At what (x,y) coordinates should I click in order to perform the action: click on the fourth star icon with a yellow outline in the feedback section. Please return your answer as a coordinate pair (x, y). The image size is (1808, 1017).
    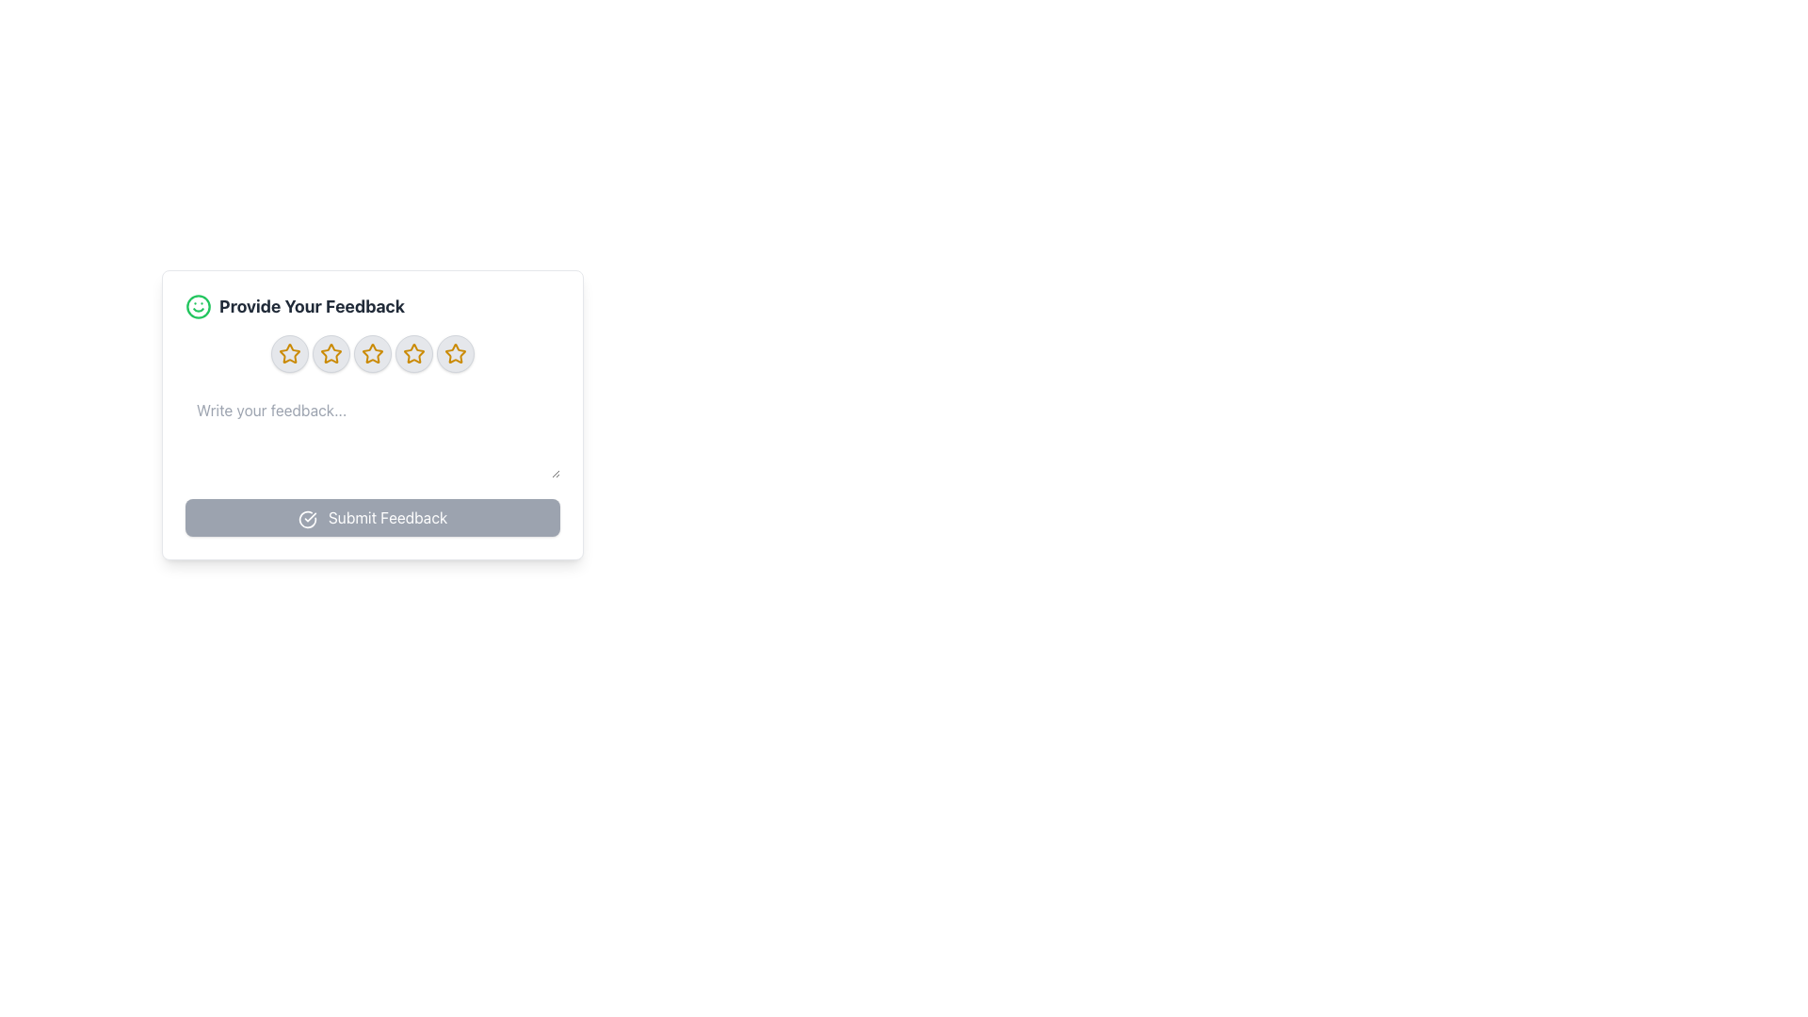
    Looking at the image, I should click on (372, 353).